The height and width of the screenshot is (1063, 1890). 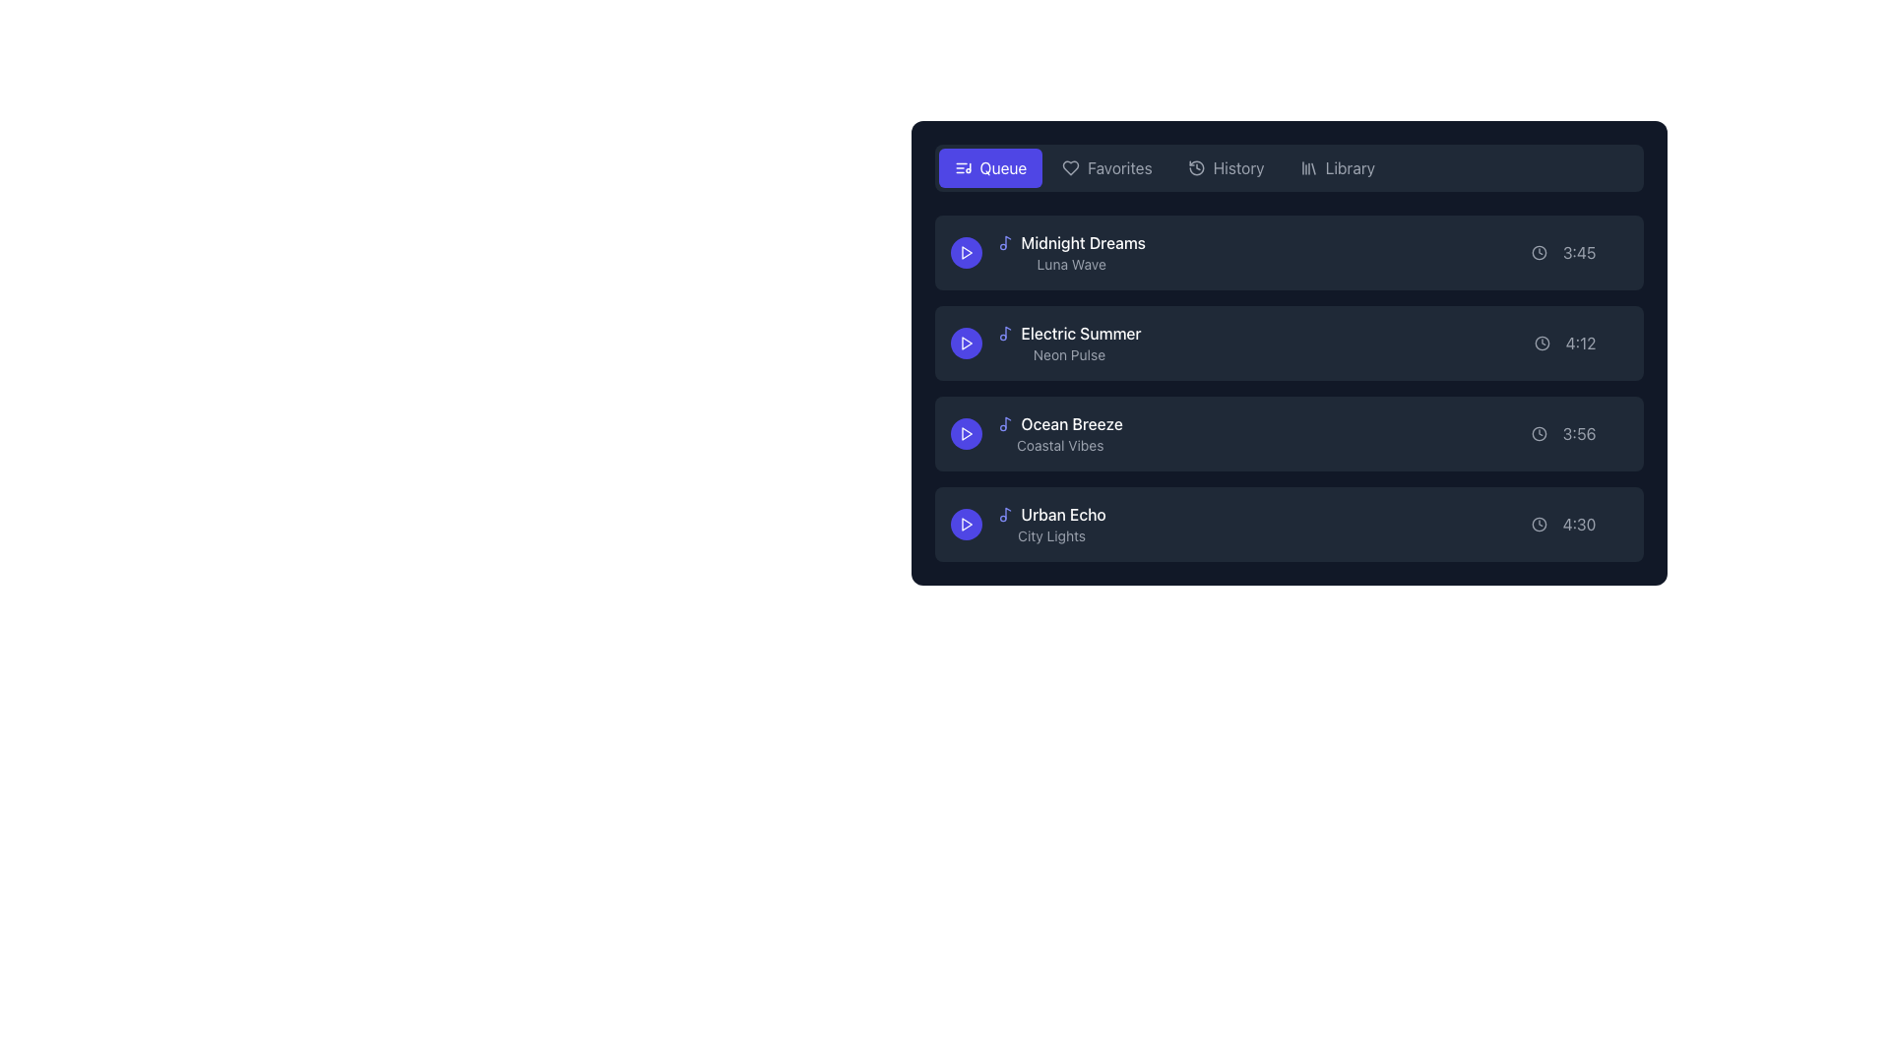 What do you see at coordinates (1059, 423) in the screenshot?
I see `the 'Ocean Breeze' label with a musical note icon` at bounding box center [1059, 423].